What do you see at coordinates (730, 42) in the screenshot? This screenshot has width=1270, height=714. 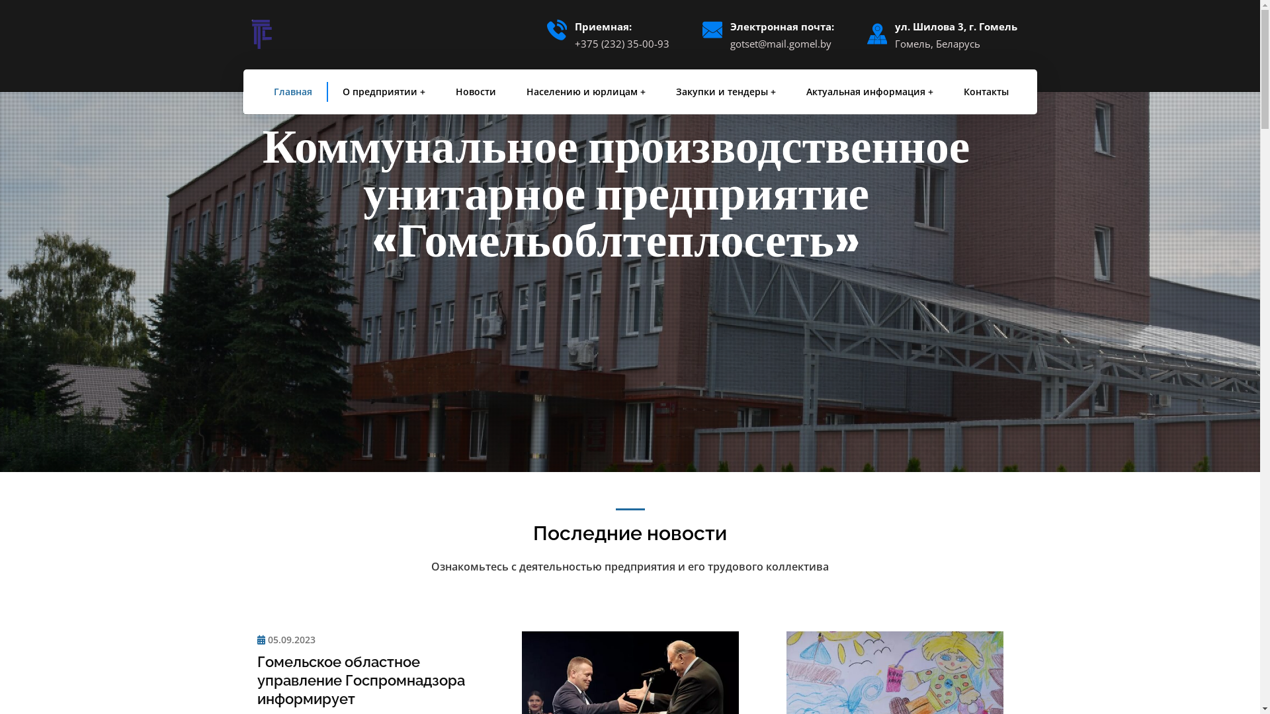 I see `'gotset@mail.gomel.by'` at bounding box center [730, 42].